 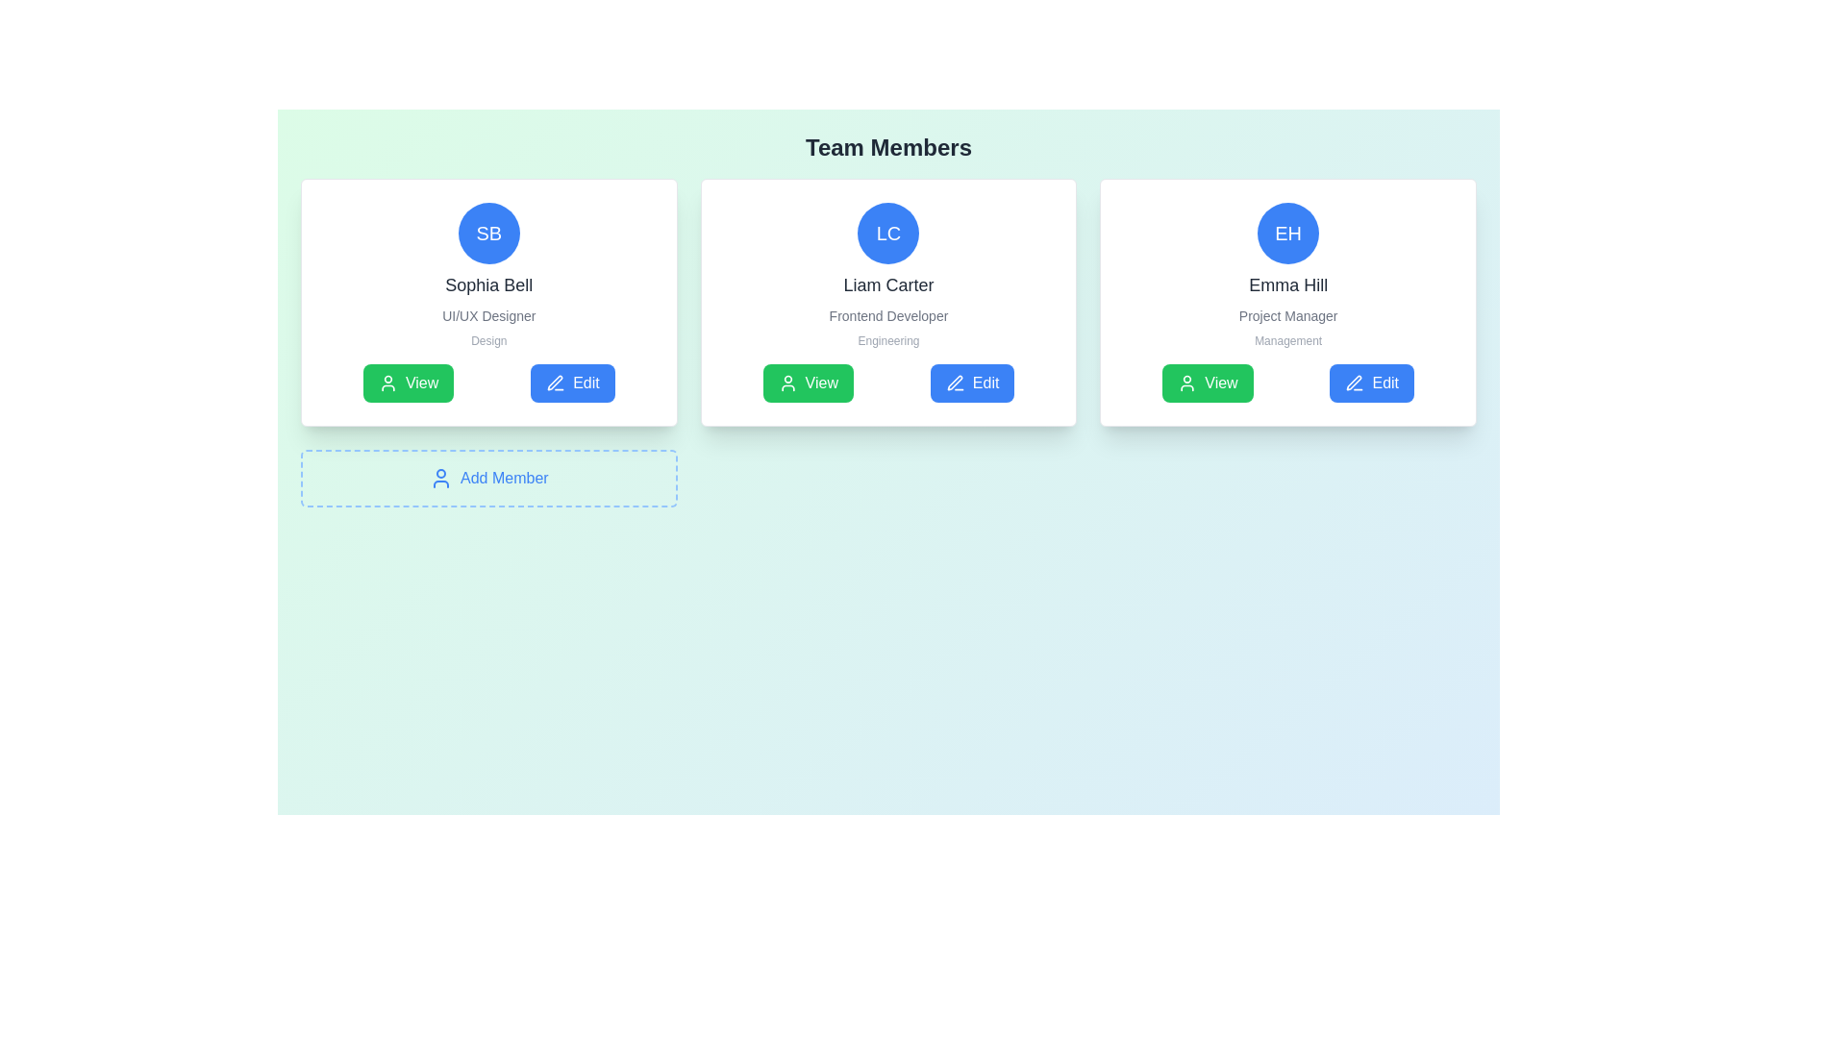 What do you see at coordinates (887, 314) in the screenshot?
I see `the Text Label displaying the role or job title associated with 'Liam Carter' in the profile card, which is positioned beneath the name and above the 'Engineering' text field` at bounding box center [887, 314].